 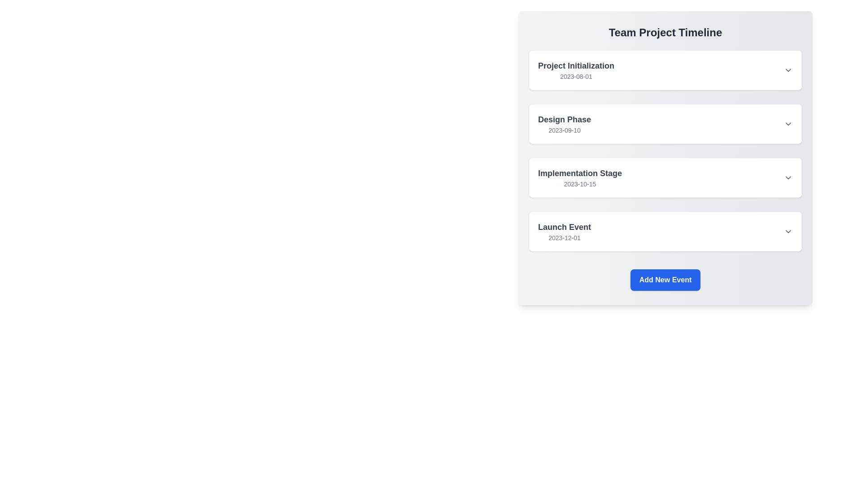 What do you see at coordinates (665, 279) in the screenshot?
I see `the 'Add New Event' button, which is a rectangular button with rounded corners, a bold blue background, and white-bold text, located at the bottom of the 'Team Project Timeline' panel` at bounding box center [665, 279].